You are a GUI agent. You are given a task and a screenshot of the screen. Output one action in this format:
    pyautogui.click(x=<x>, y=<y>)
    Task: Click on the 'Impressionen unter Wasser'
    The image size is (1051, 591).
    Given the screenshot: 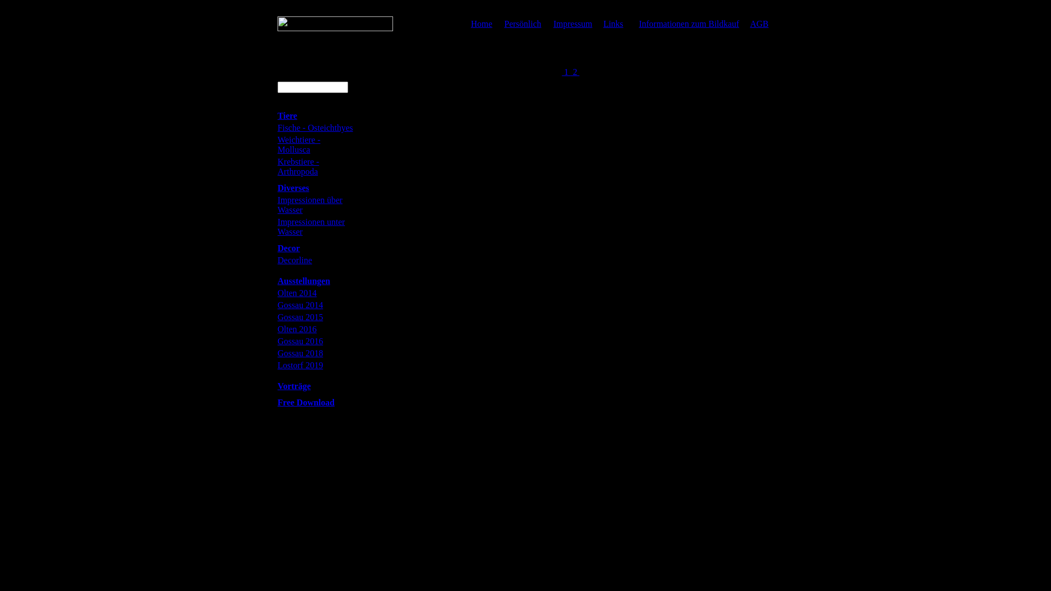 What is the action you would take?
    pyautogui.click(x=310, y=226)
    